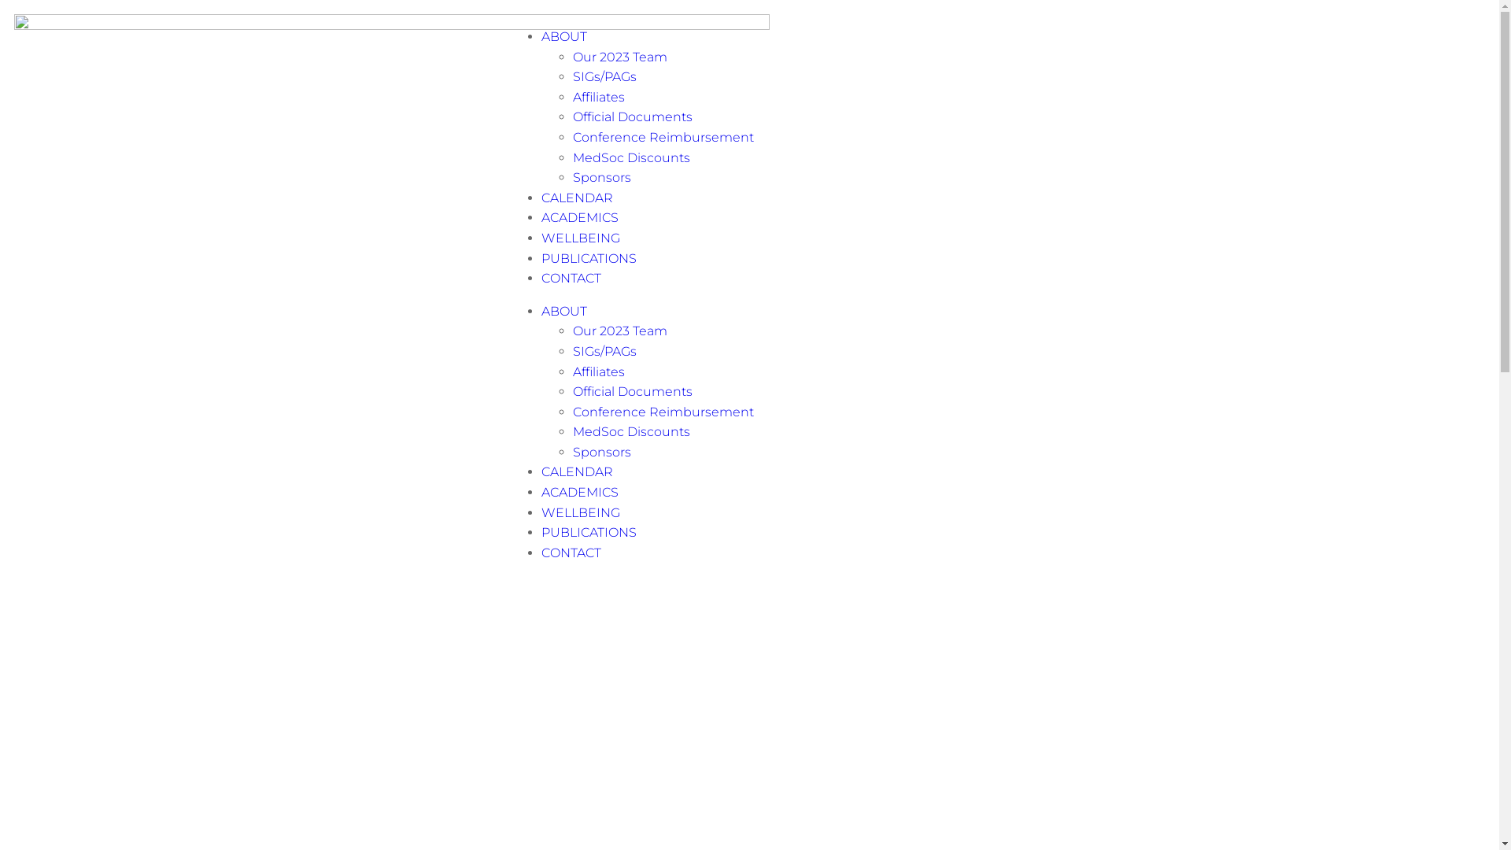 The image size is (1511, 850). What do you see at coordinates (570, 277) in the screenshot?
I see `'CONTACT'` at bounding box center [570, 277].